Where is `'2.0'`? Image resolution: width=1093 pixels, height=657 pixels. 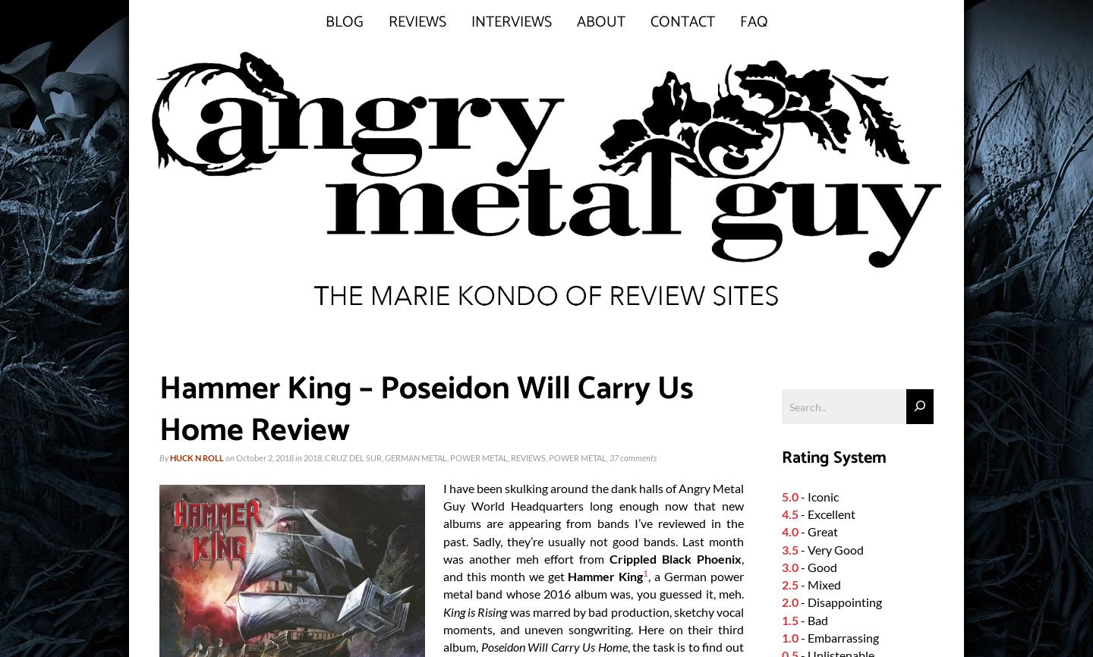
'2.0' is located at coordinates (789, 602).